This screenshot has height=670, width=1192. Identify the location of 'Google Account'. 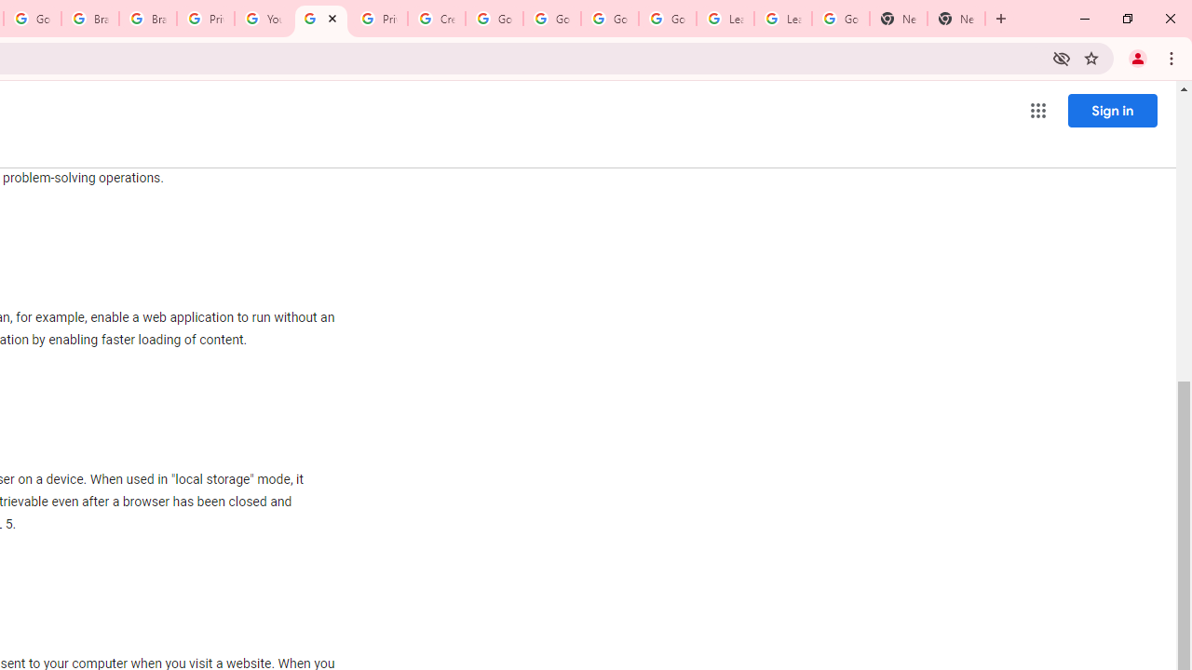
(840, 19).